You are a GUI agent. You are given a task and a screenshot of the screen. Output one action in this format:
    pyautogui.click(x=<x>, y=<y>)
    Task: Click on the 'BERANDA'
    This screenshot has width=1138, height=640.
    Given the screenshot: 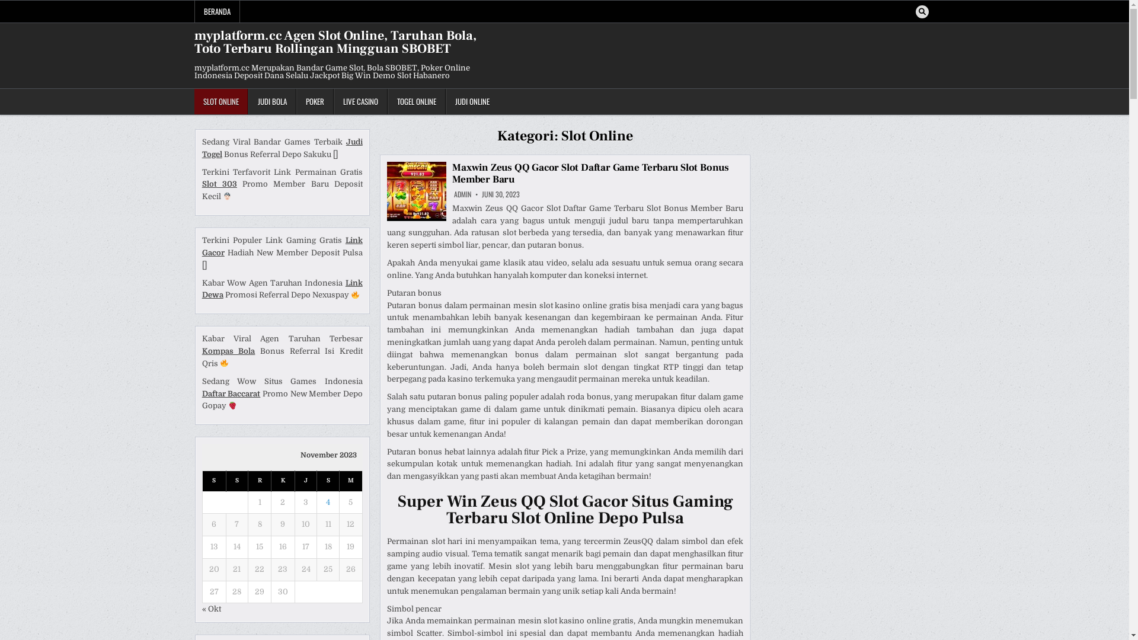 What is the action you would take?
    pyautogui.click(x=217, y=11)
    